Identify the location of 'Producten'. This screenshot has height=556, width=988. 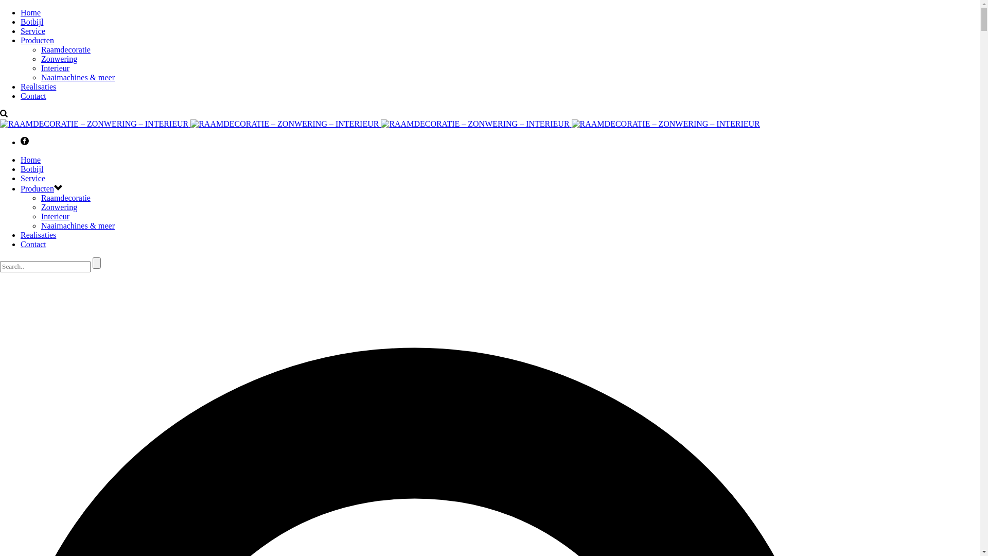
(37, 188).